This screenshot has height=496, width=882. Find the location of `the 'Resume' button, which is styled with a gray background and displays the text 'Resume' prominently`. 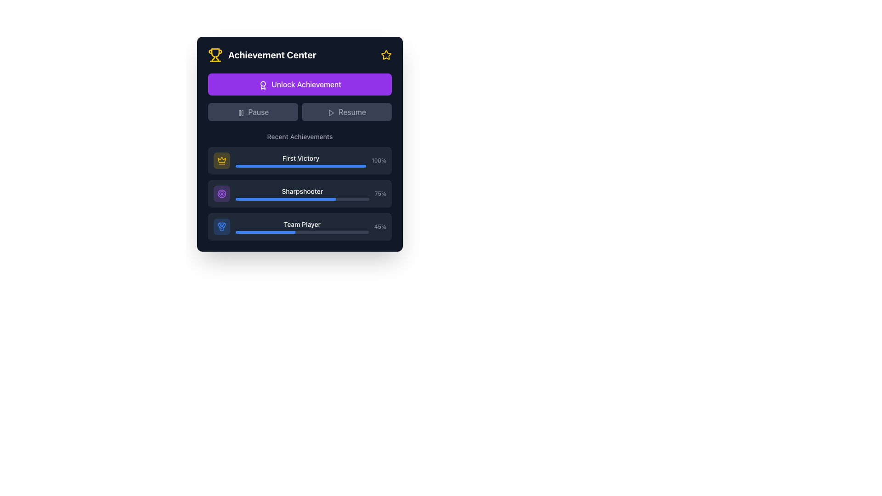

the 'Resume' button, which is styled with a gray background and displays the text 'Resume' prominently is located at coordinates (346, 111).